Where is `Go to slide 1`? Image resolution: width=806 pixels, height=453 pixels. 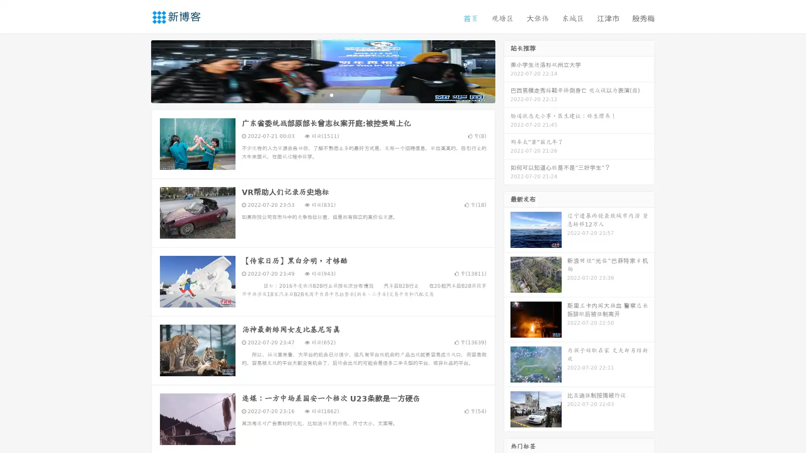
Go to slide 1 is located at coordinates (314, 94).